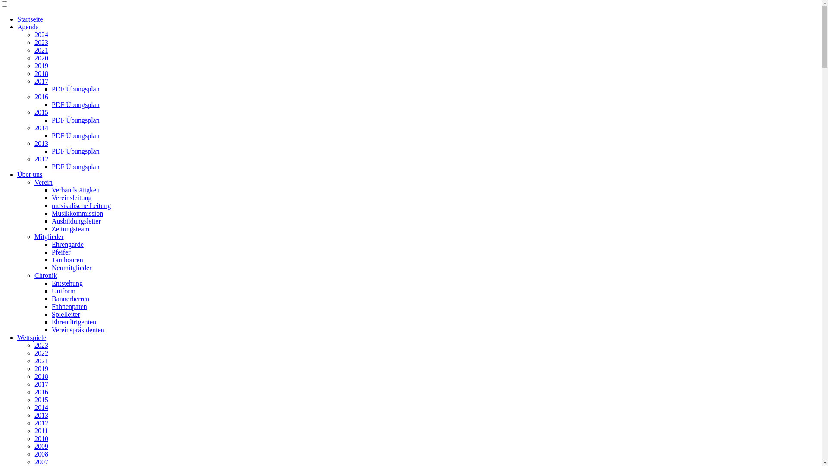  Describe the element at coordinates (34, 353) in the screenshot. I see `'2022'` at that location.